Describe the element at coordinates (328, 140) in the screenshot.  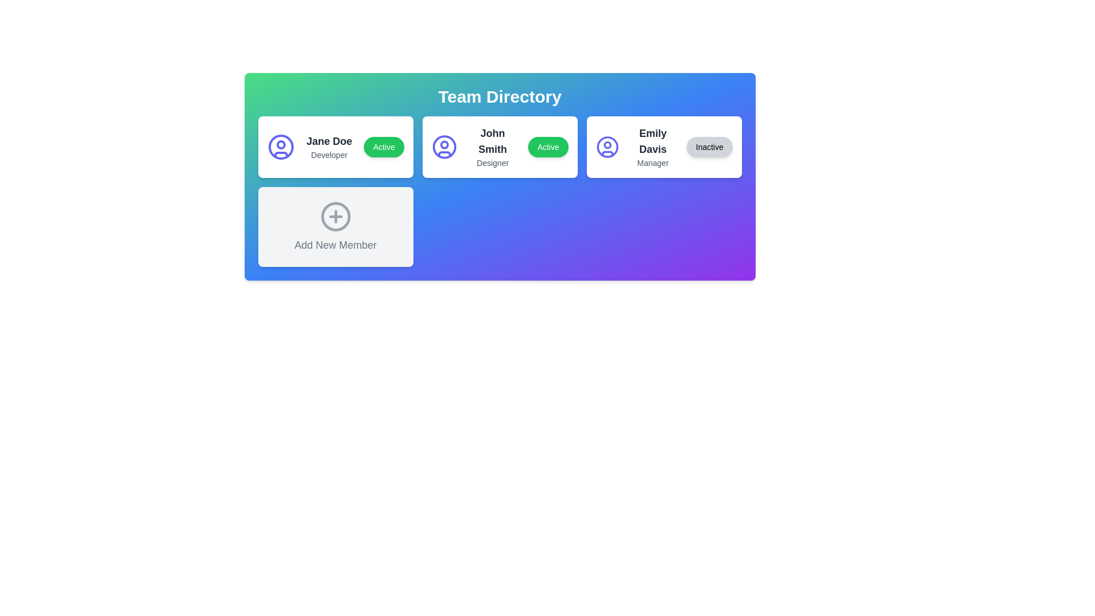
I see `the text label 'Jane Doe' from the first card in the 'Team Directory' section` at that location.